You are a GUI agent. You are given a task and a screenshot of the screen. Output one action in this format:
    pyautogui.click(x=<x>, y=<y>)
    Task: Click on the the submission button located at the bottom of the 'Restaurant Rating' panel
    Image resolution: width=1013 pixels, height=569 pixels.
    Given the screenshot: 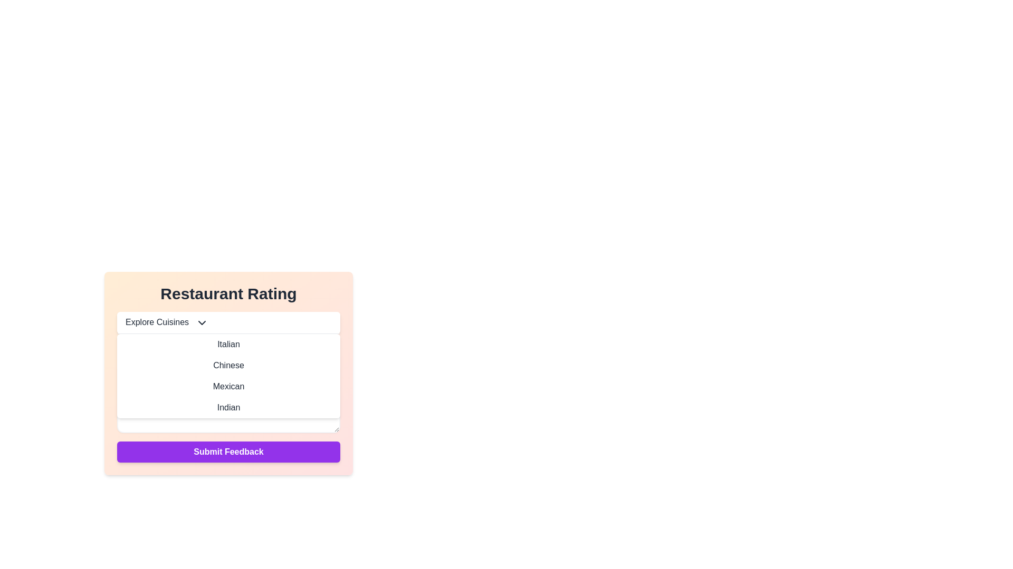 What is the action you would take?
    pyautogui.click(x=228, y=451)
    